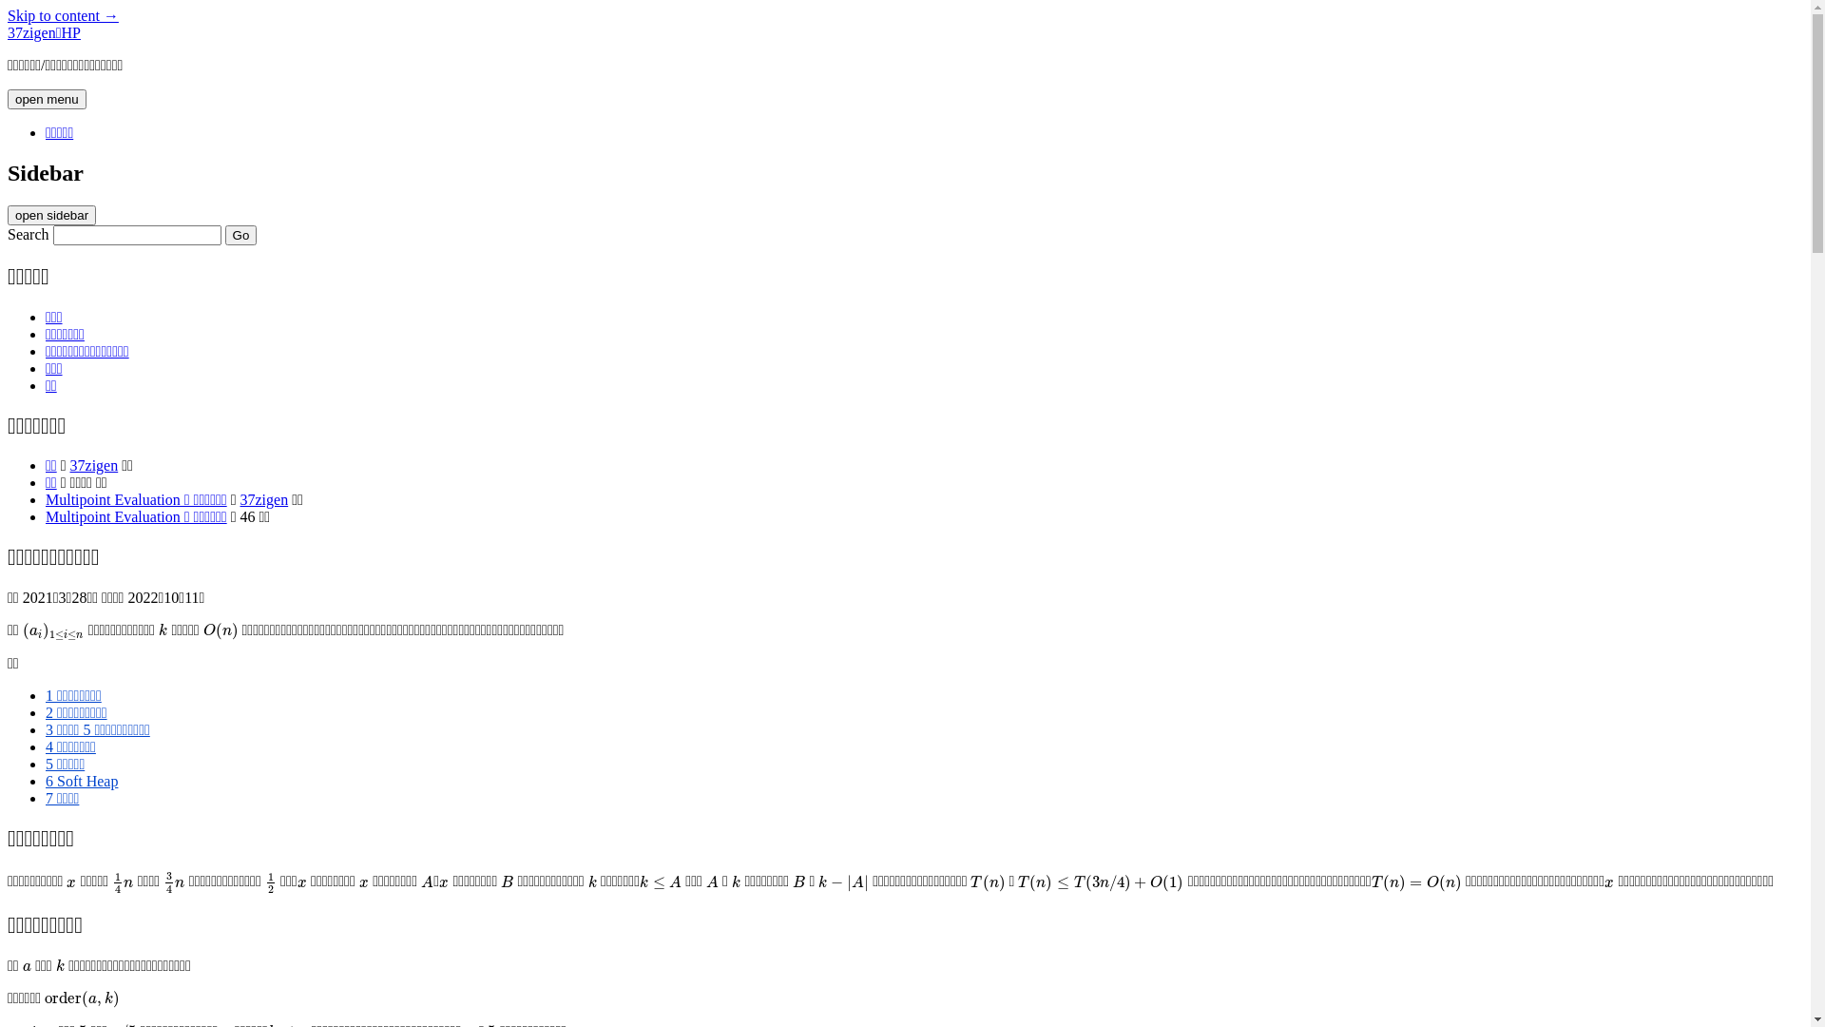 This screenshot has height=1027, width=1825. Describe the element at coordinates (51, 214) in the screenshot. I see `'open sidebar'` at that location.